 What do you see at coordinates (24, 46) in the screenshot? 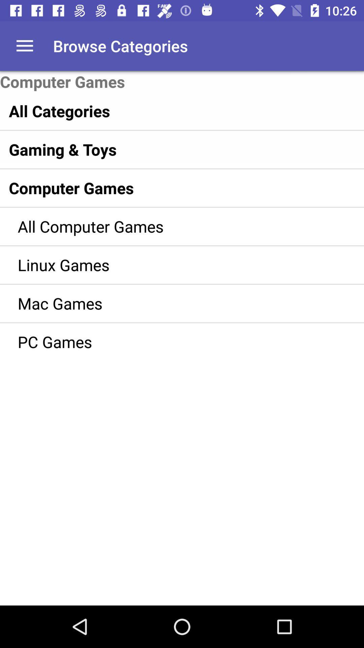
I see `drop down menu` at bounding box center [24, 46].